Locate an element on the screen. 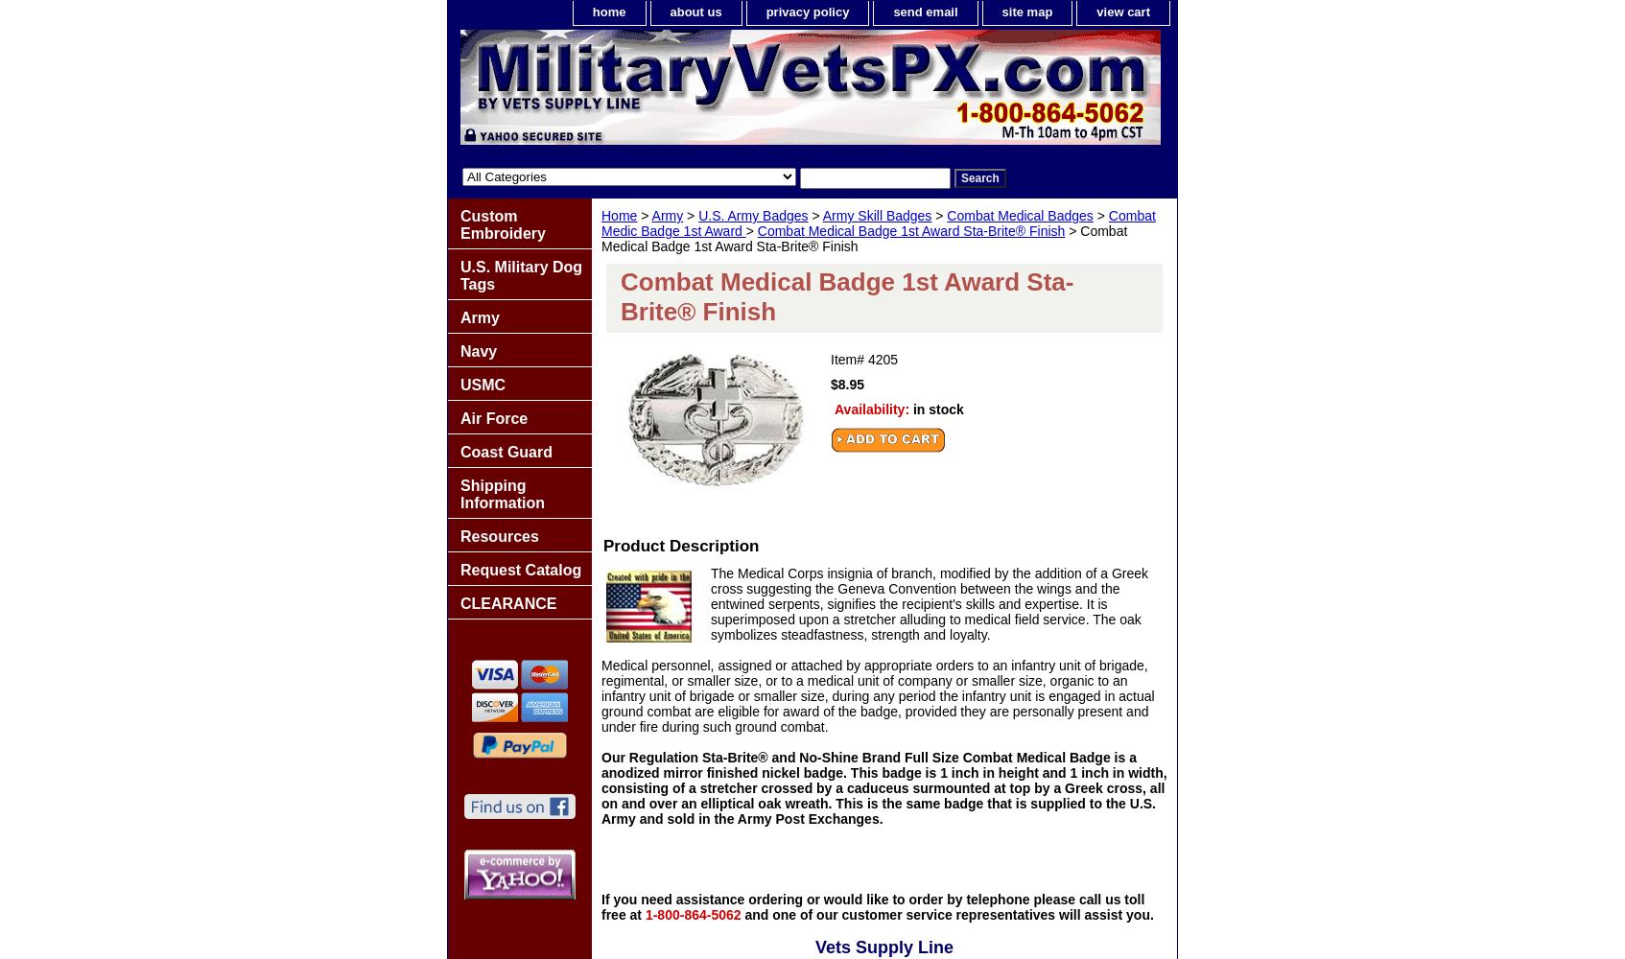  'privacy policy' is located at coordinates (807, 12).